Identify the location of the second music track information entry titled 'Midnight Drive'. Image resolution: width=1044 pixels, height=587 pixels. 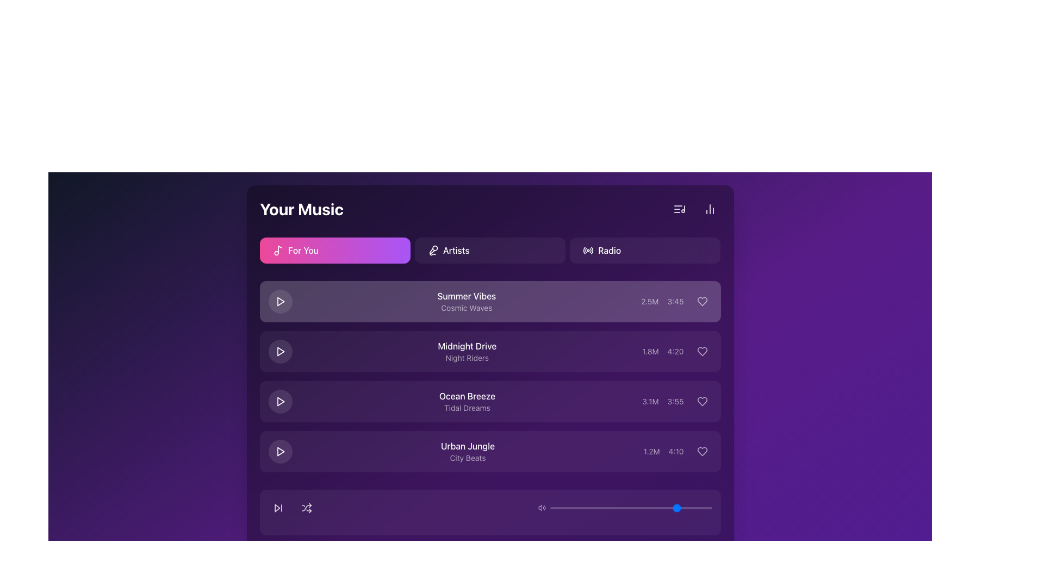
(489, 352).